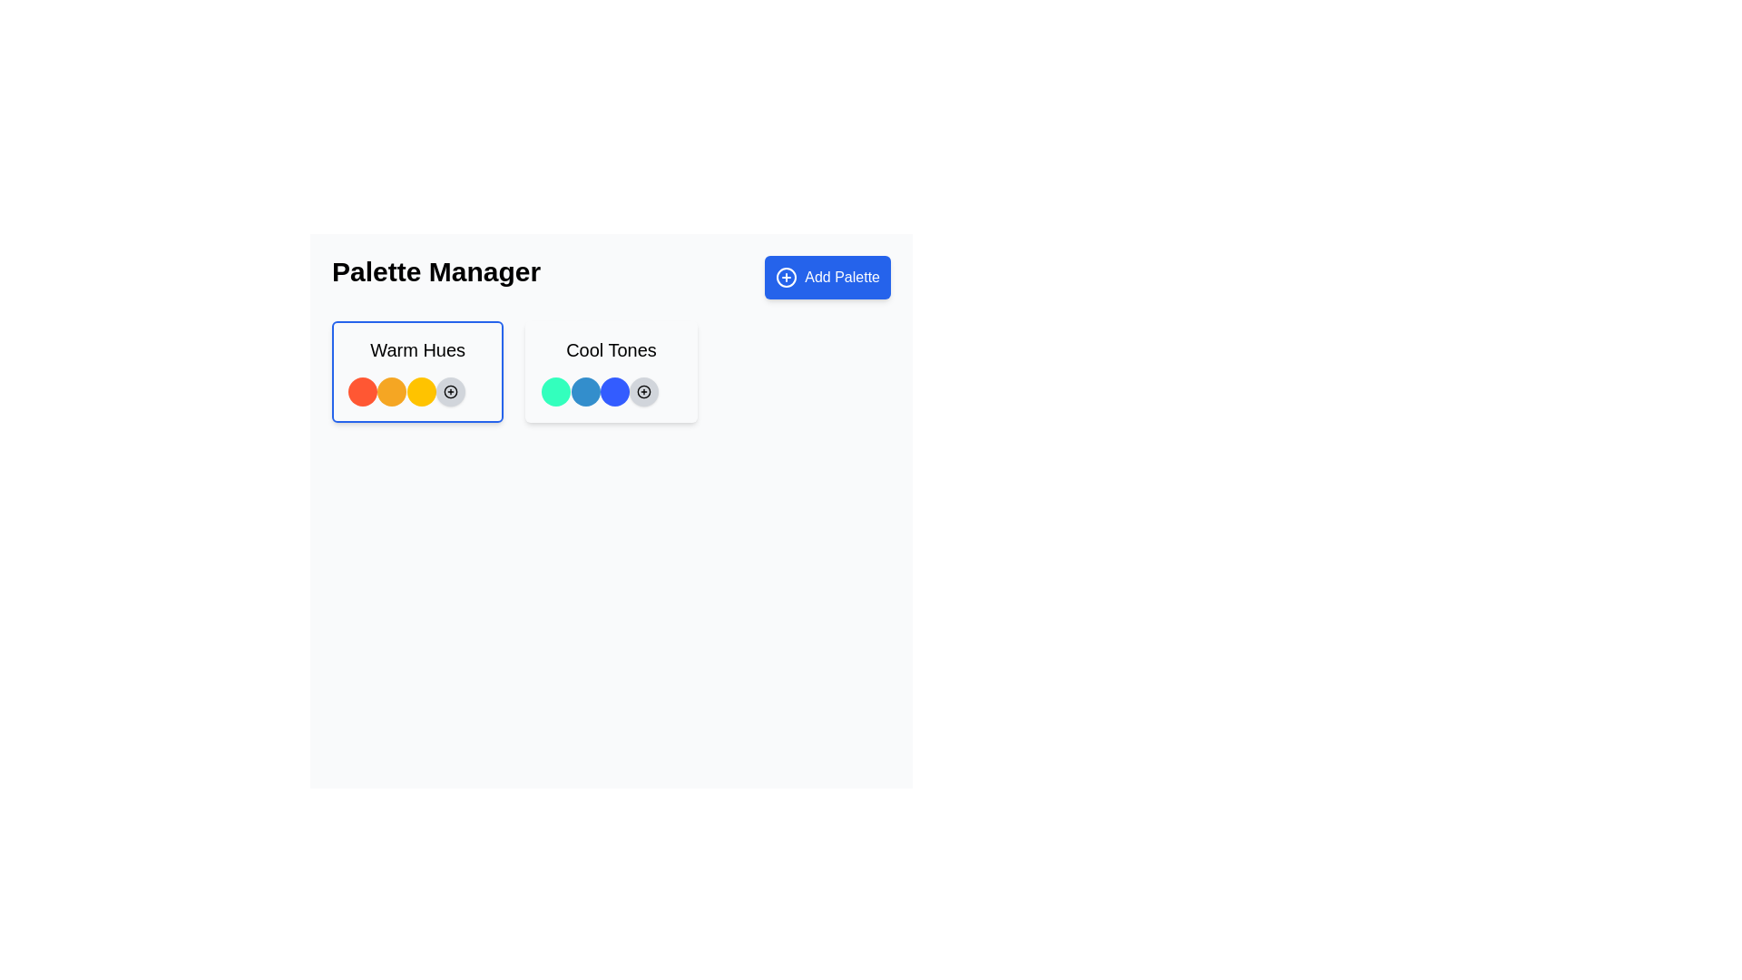 The width and height of the screenshot is (1742, 980). I want to click on the fourth circular button in the 'Cool Tones' palette, so click(644, 391).